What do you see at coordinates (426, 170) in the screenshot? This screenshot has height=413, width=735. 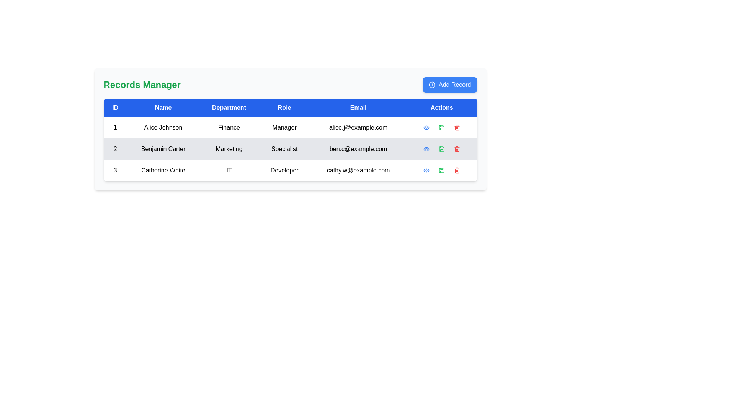 I see `the rounded button with a blue outline shaped like an eye, located in the 'Actions' column of the third row, next to the email 'cathy.w@example.com'` at bounding box center [426, 170].